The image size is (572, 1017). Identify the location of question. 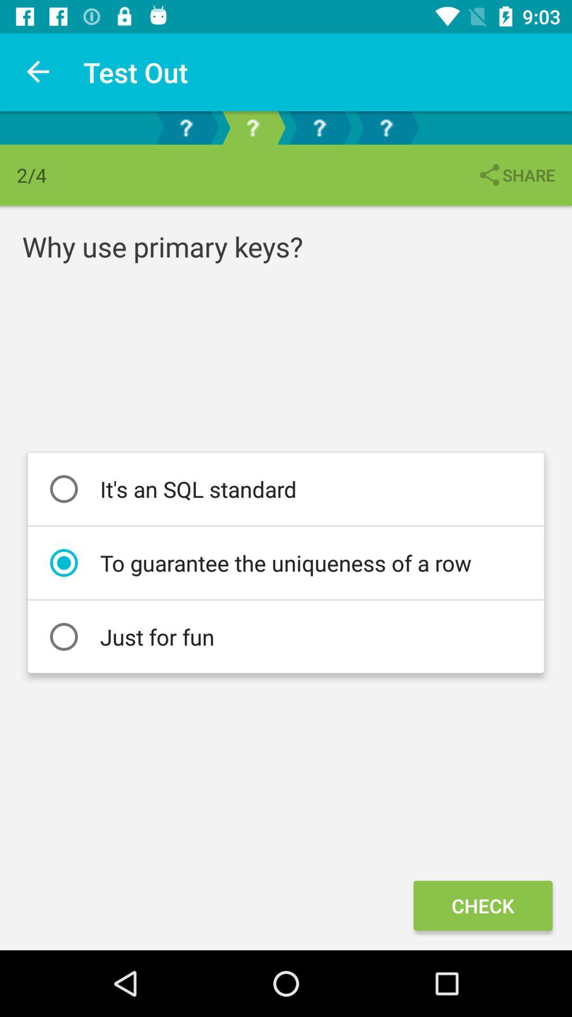
(386, 127).